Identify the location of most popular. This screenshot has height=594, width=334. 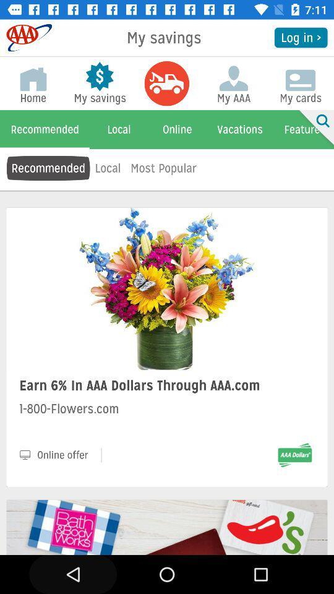
(163, 167).